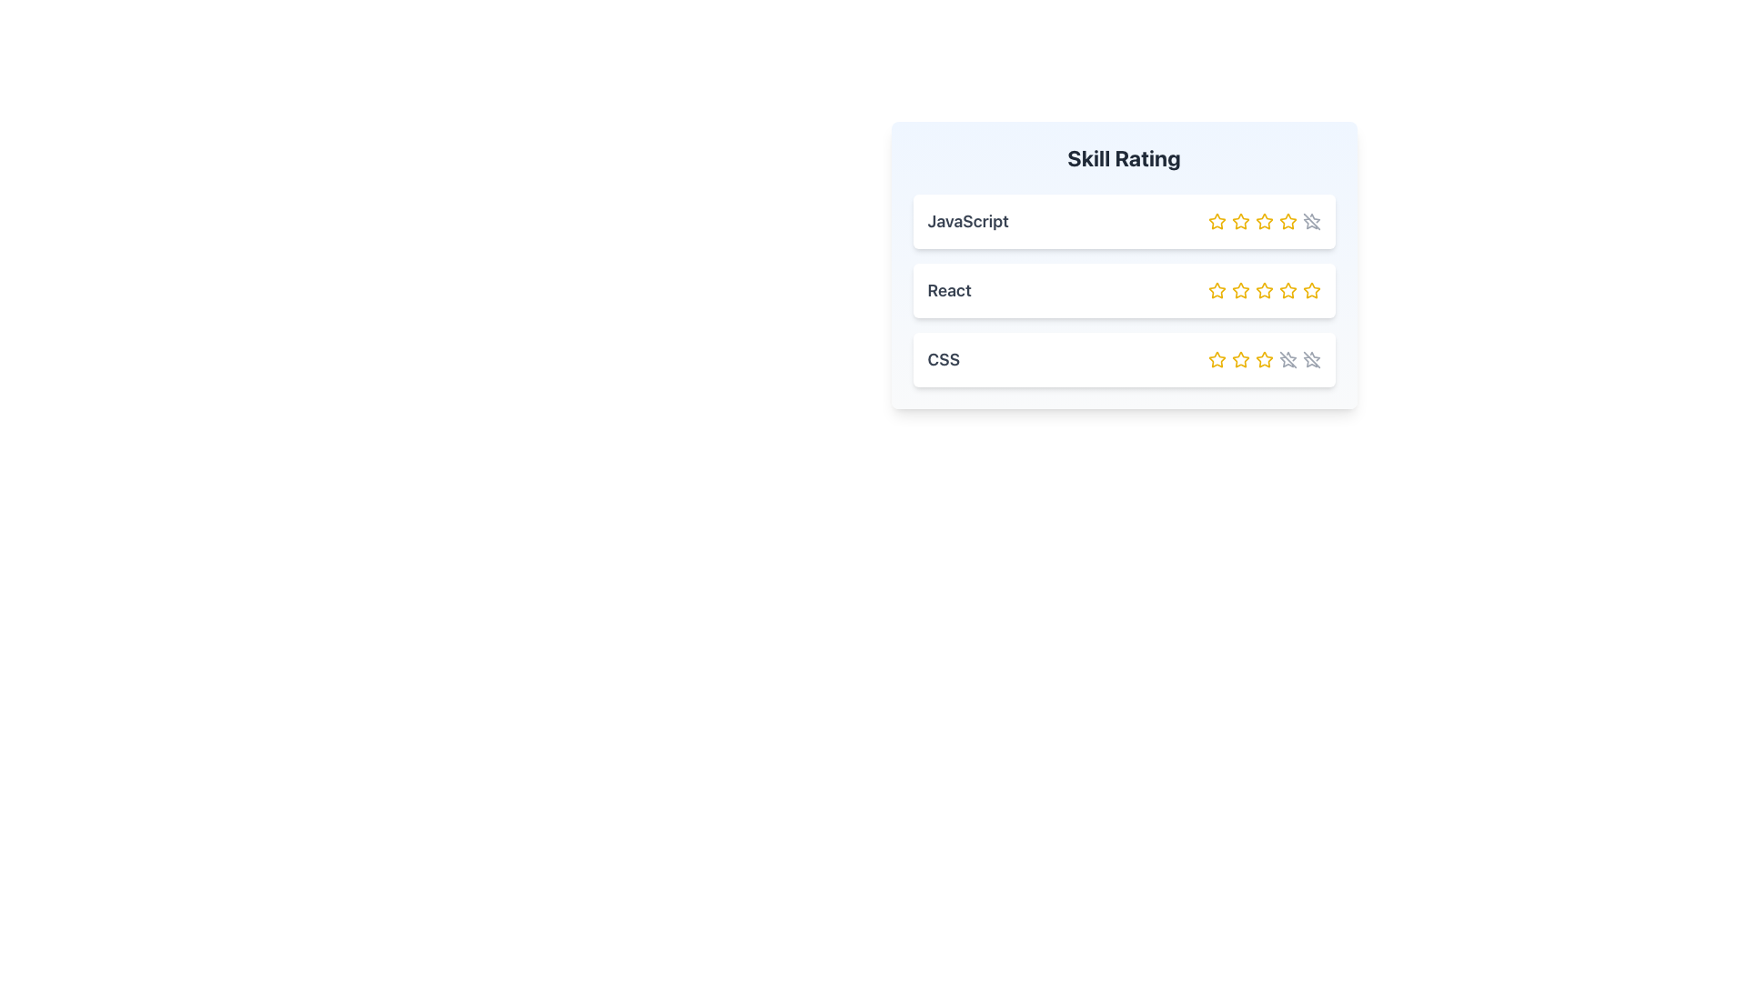 The image size is (1747, 982). I want to click on the third yellow star icon in the 'CSS' row of the skill rating section, so click(1263, 360).